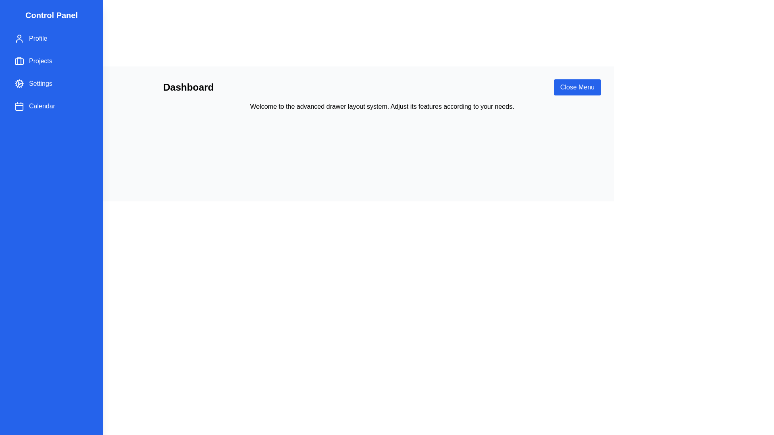 This screenshot has height=435, width=774. Describe the element at coordinates (40, 60) in the screenshot. I see `the 'Projects' text label in the vertical navigation menu, located next to a briefcase icon` at that location.